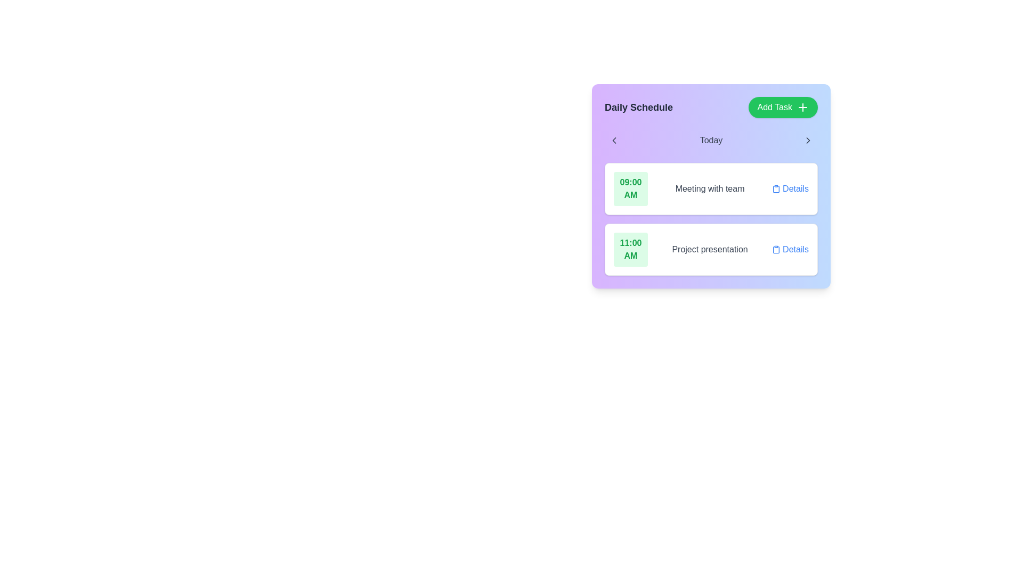 Image resolution: width=1023 pixels, height=575 pixels. I want to click on the Chevron button located at the far right of the navigation bar, so click(808, 139).